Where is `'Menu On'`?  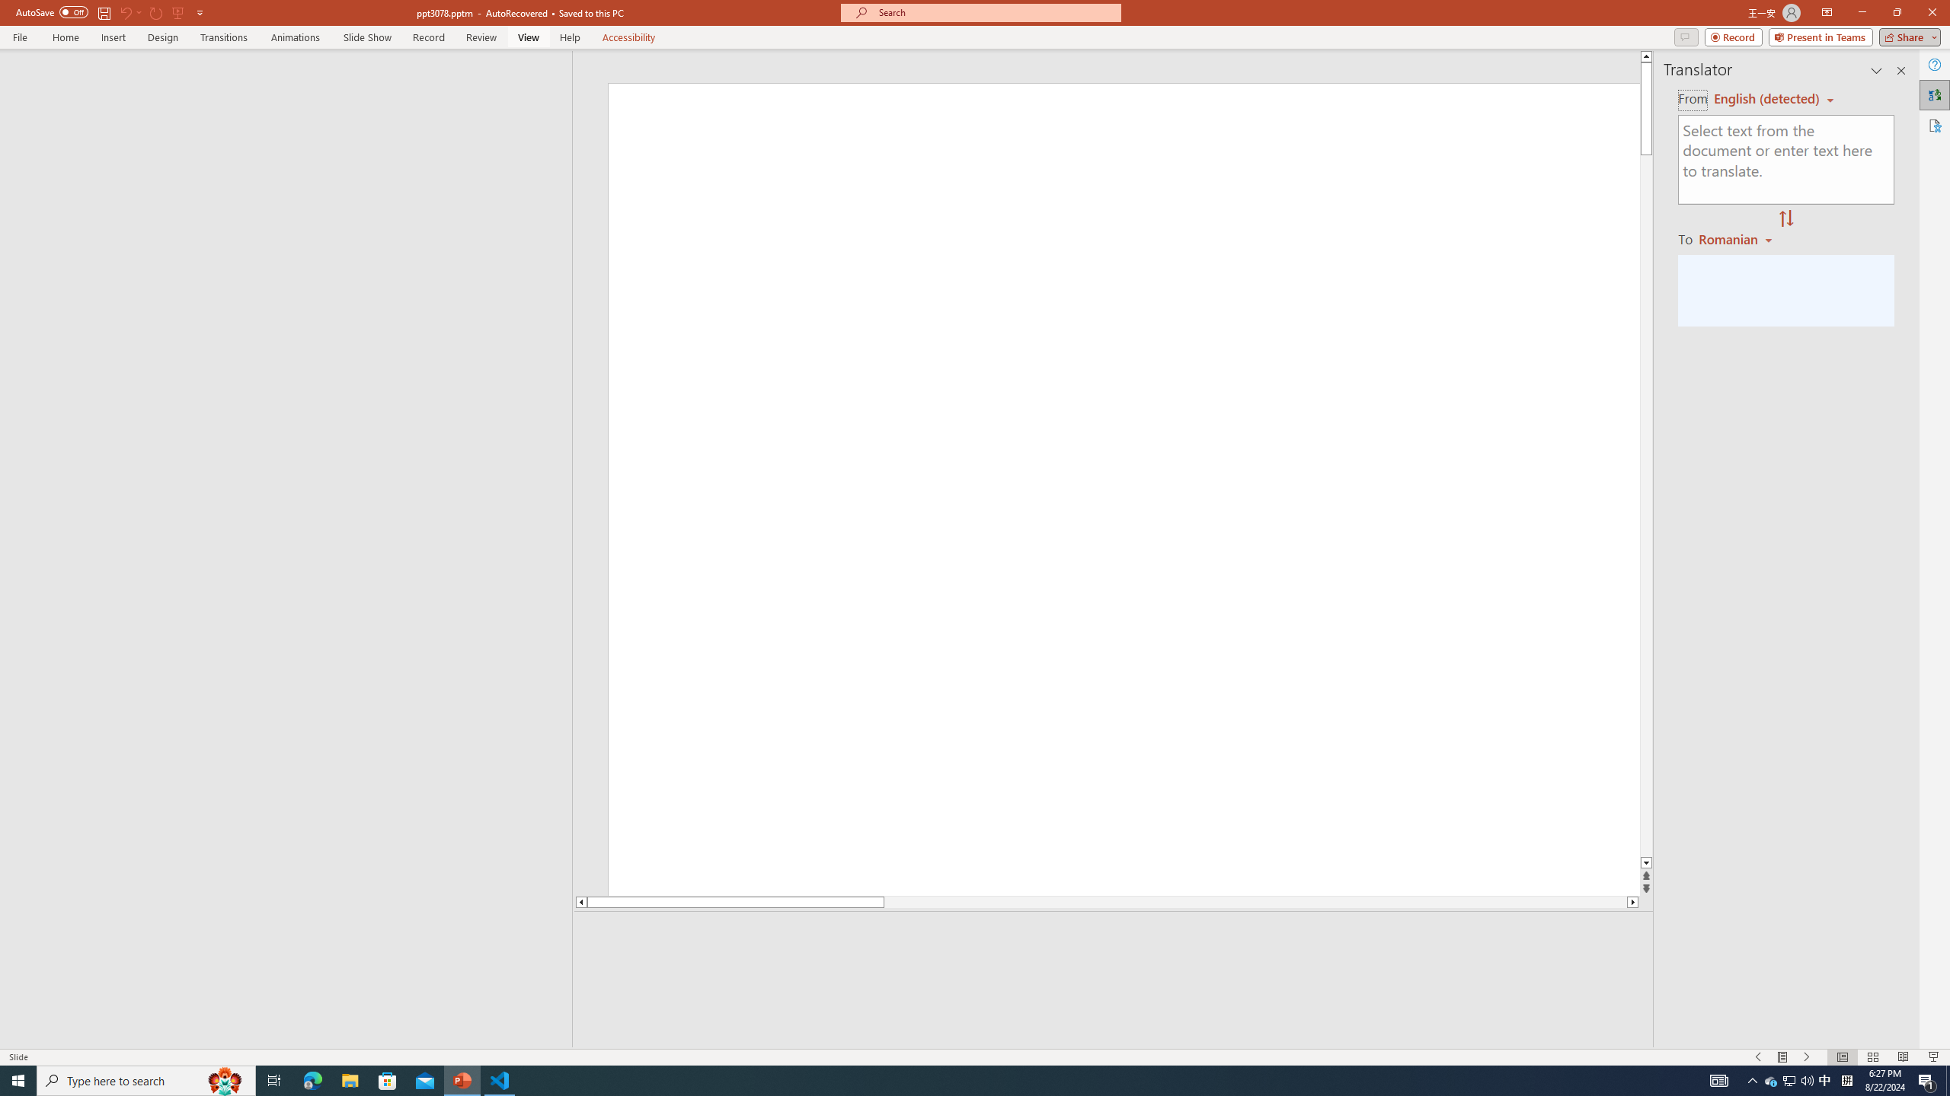 'Menu On' is located at coordinates (1782, 1057).